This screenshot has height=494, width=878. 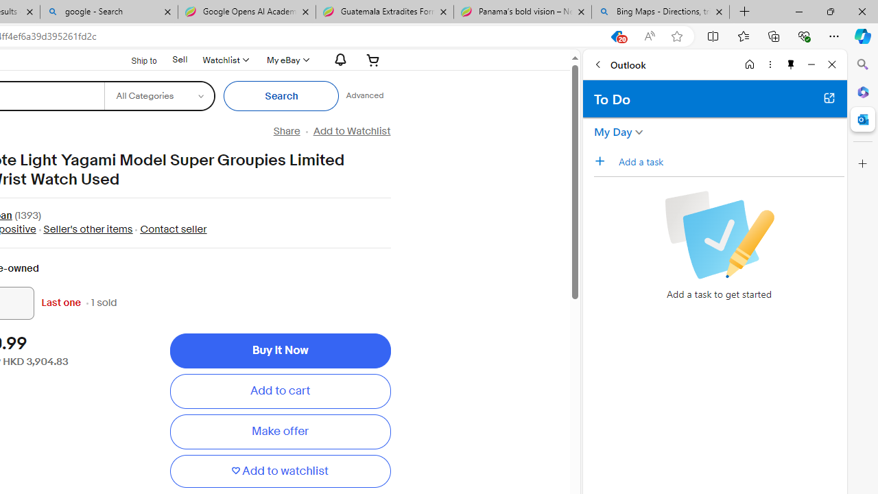 What do you see at coordinates (135, 60) in the screenshot?
I see `'Ship to'` at bounding box center [135, 60].